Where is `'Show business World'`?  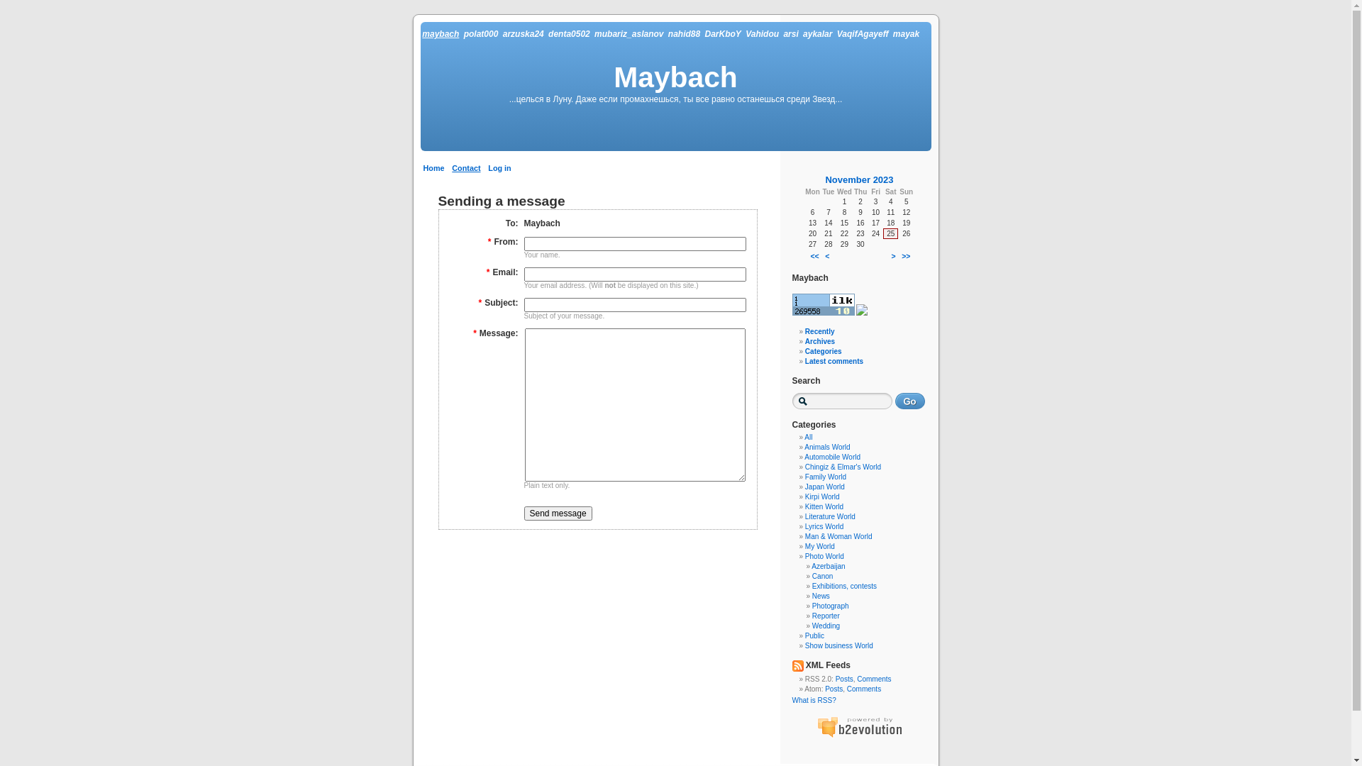 'Show business World' is located at coordinates (804, 645).